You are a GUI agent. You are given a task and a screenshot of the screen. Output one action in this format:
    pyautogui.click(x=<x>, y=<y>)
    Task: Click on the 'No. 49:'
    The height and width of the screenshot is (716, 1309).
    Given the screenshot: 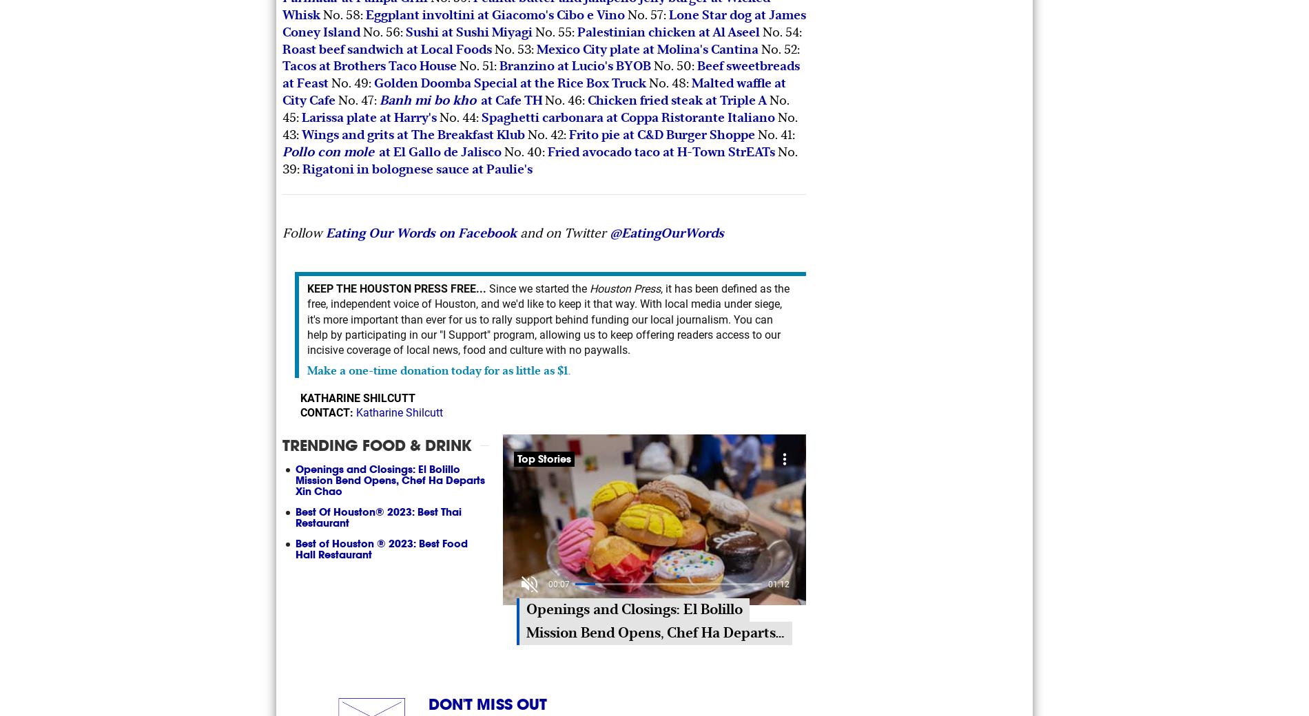 What is the action you would take?
    pyautogui.click(x=329, y=82)
    